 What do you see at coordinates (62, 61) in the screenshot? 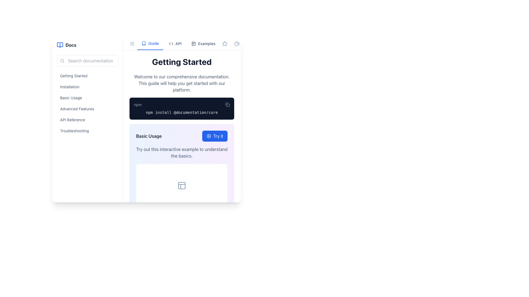
I see `the circular element that is part of the magnifying glass icon in the left sidebar, adjacent to the 'Search documentation' input field` at bounding box center [62, 61].